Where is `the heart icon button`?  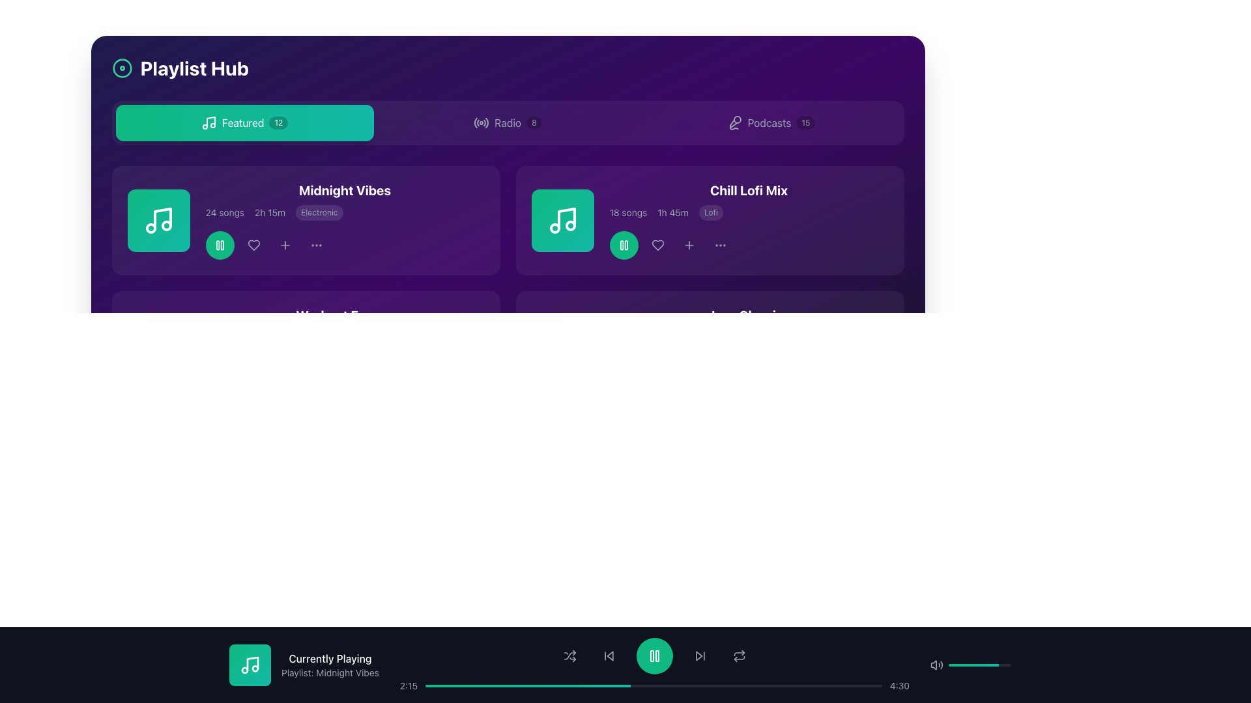 the heart icon button is located at coordinates (657, 245).